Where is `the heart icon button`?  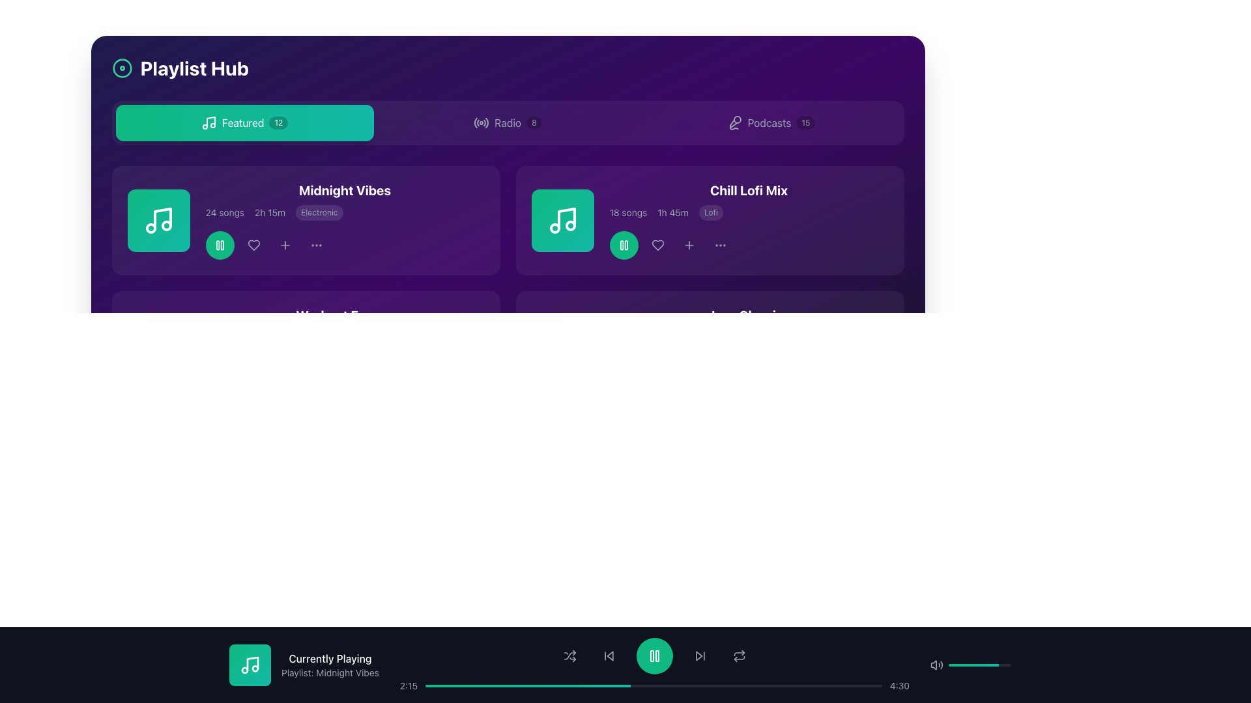 the heart icon button is located at coordinates (657, 245).